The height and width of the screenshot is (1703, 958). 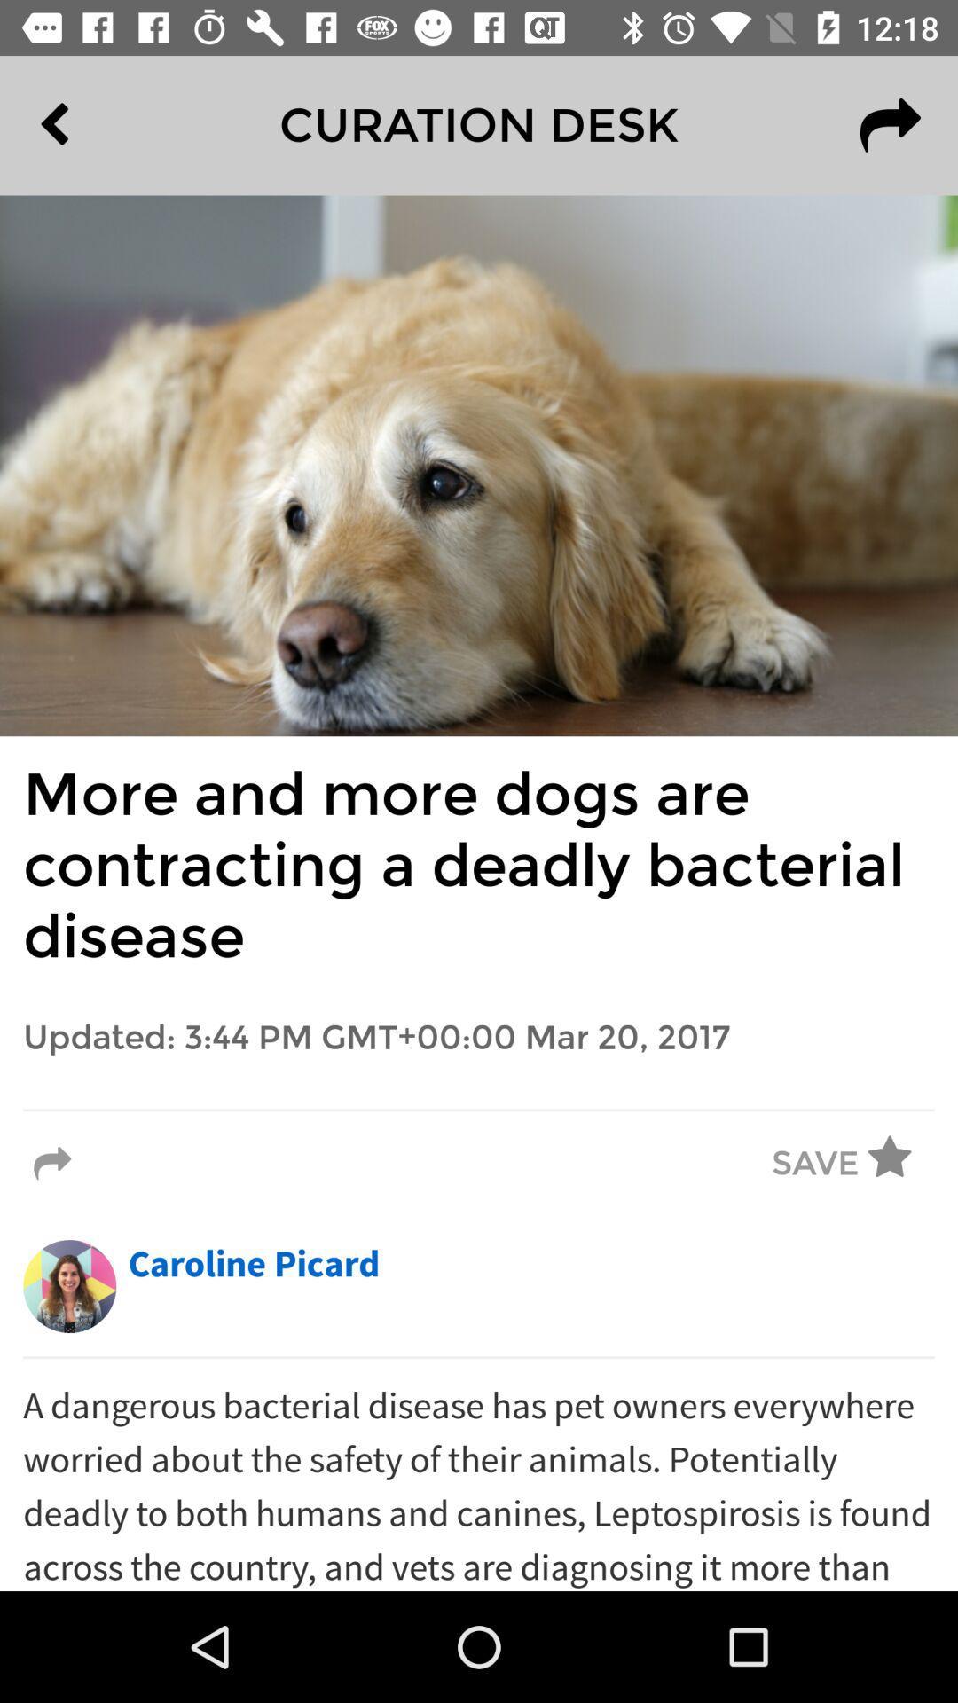 I want to click on the redo icon, so click(x=890, y=124).